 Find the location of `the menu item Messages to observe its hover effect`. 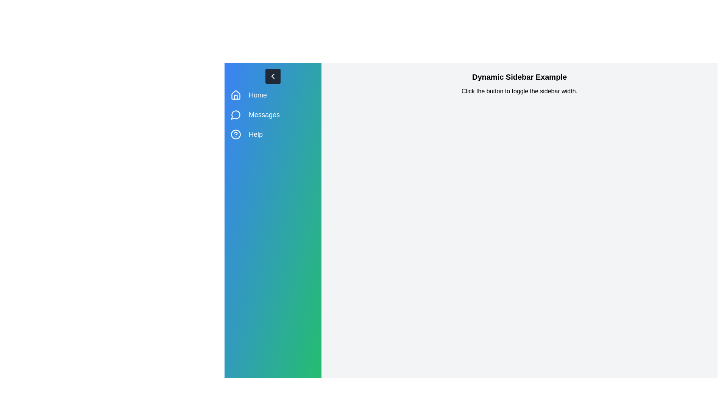

the menu item Messages to observe its hover effect is located at coordinates (273, 115).